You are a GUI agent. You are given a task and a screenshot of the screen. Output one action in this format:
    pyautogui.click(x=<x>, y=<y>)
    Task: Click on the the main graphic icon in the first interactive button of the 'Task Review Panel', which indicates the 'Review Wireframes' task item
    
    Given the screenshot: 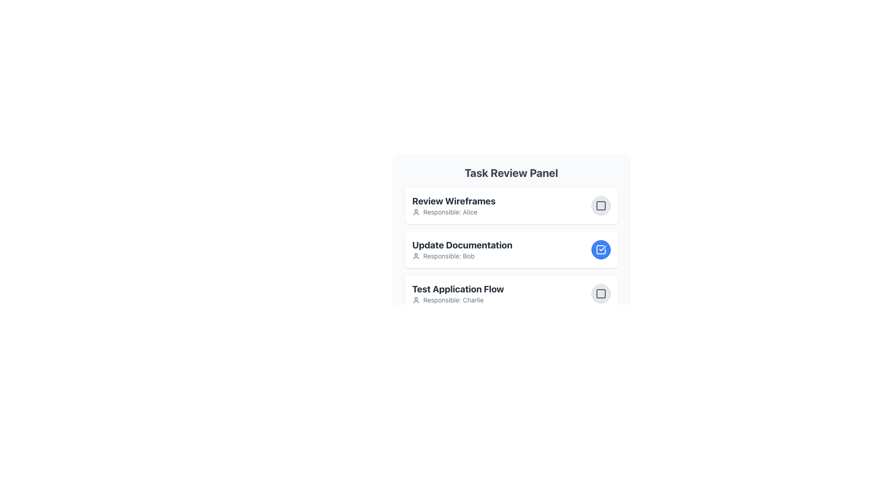 What is the action you would take?
    pyautogui.click(x=601, y=205)
    